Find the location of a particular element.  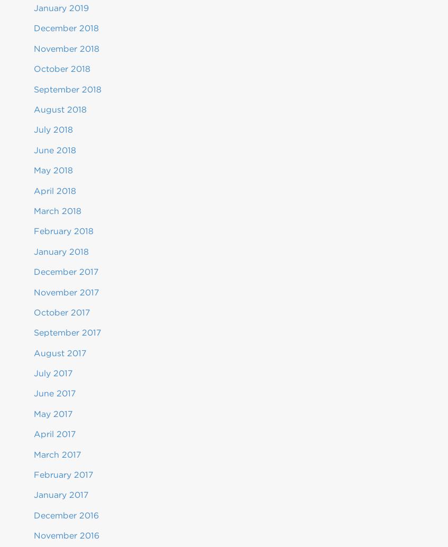

'January 2019' is located at coordinates (61, 8).